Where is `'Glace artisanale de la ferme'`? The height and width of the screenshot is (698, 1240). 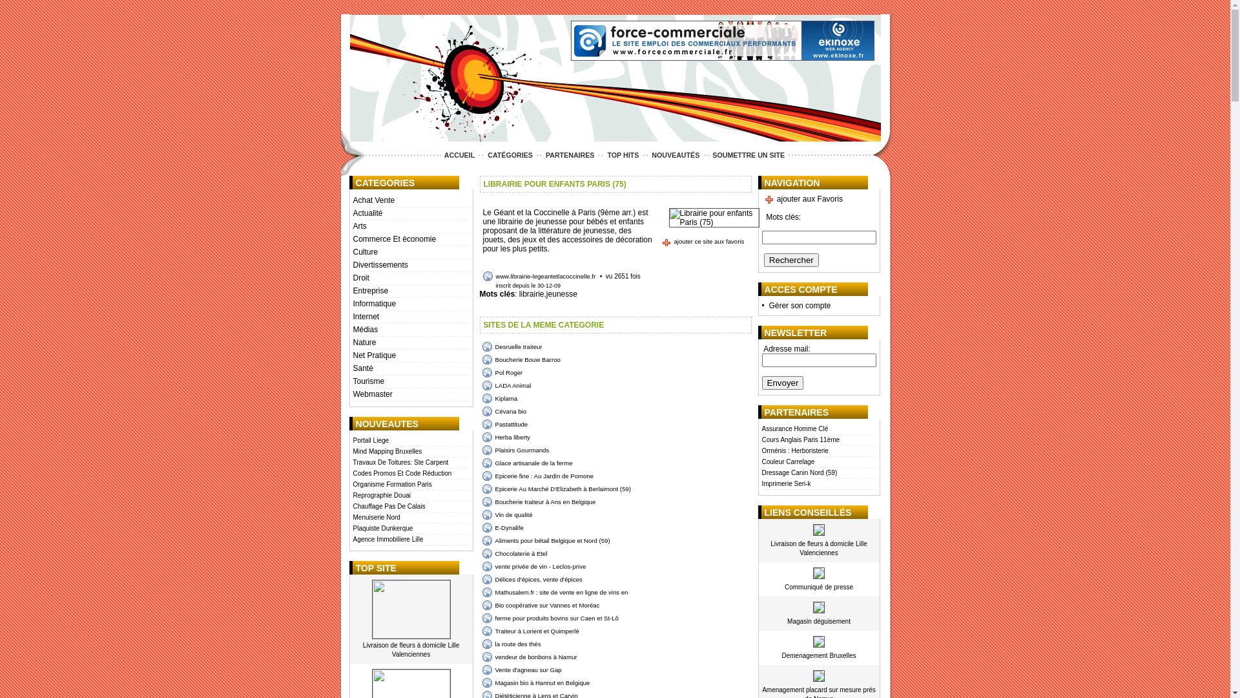
'Glace artisanale de la ferme' is located at coordinates (527, 462).